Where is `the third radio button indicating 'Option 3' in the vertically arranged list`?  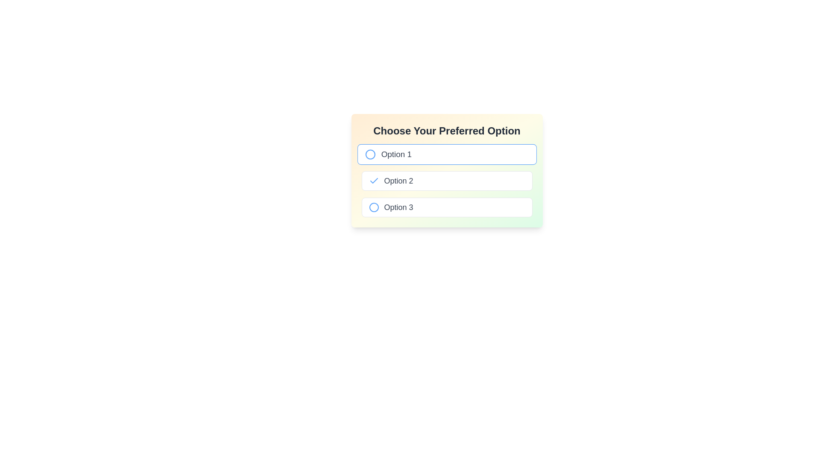 the third radio button indicating 'Option 3' in the vertically arranged list is located at coordinates (374, 207).